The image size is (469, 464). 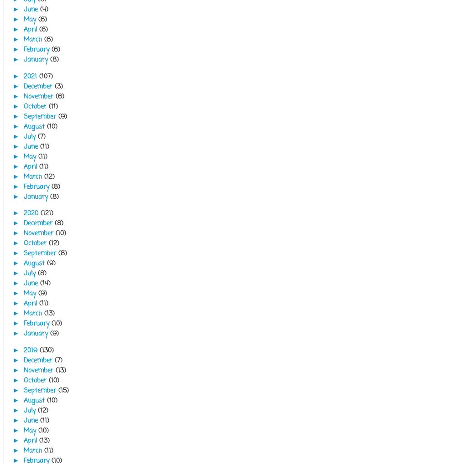 I want to click on '(15)', so click(x=57, y=390).